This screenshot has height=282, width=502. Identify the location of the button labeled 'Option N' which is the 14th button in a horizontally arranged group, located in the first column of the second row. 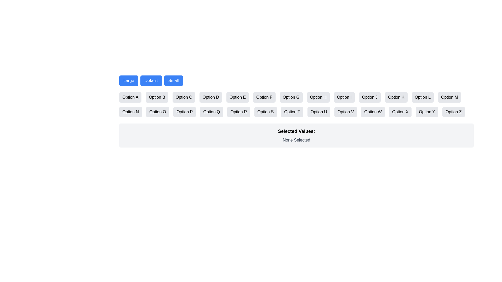
(130, 111).